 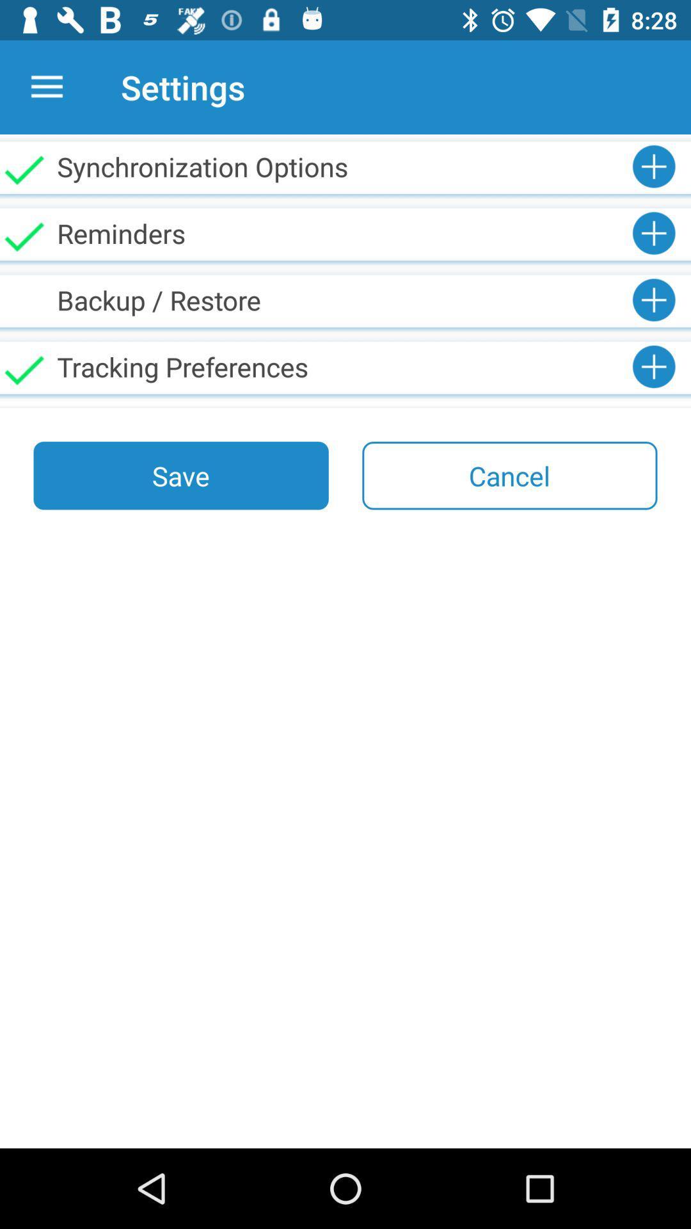 I want to click on item to the right of the save icon, so click(x=509, y=475).